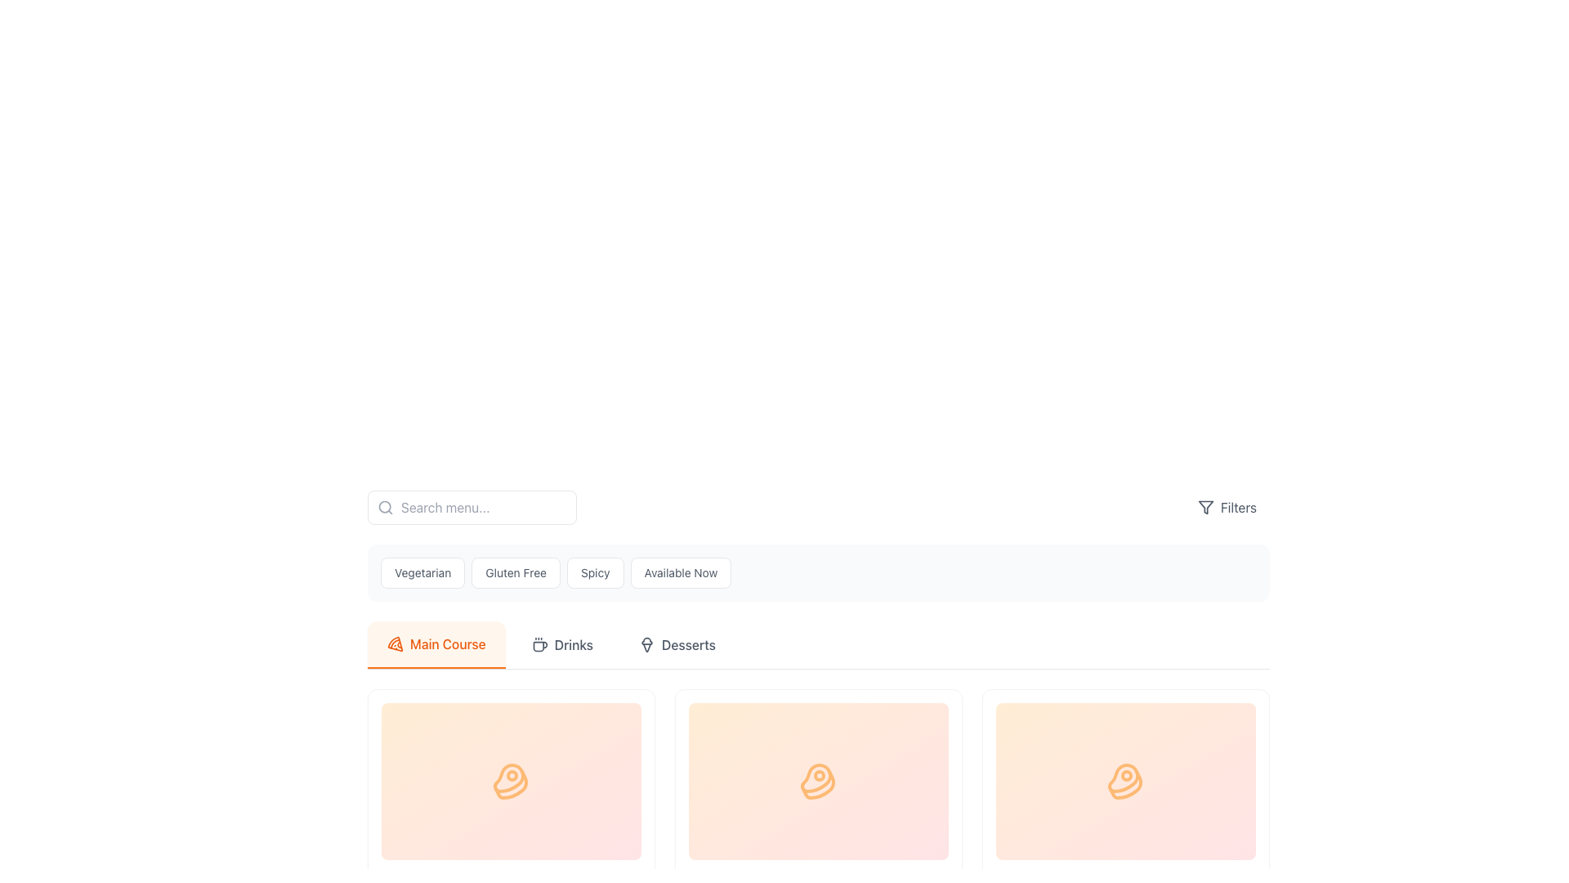  What do you see at coordinates (384, 506) in the screenshot?
I see `the circular decorative element of the search icon located in the header section of the webpage` at bounding box center [384, 506].